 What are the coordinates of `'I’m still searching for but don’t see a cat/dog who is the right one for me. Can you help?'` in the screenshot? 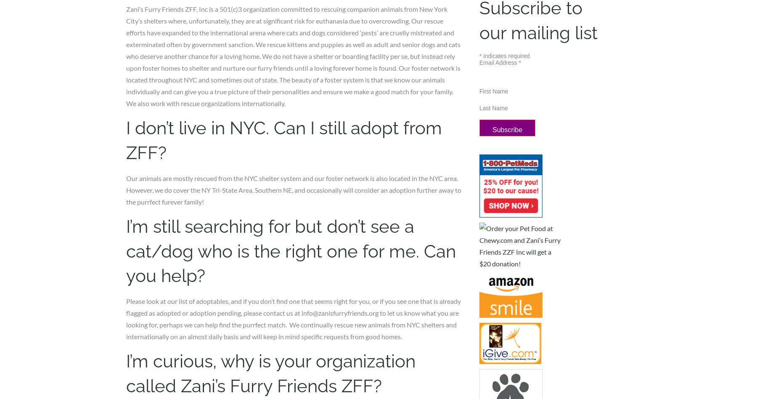 It's located at (290, 250).